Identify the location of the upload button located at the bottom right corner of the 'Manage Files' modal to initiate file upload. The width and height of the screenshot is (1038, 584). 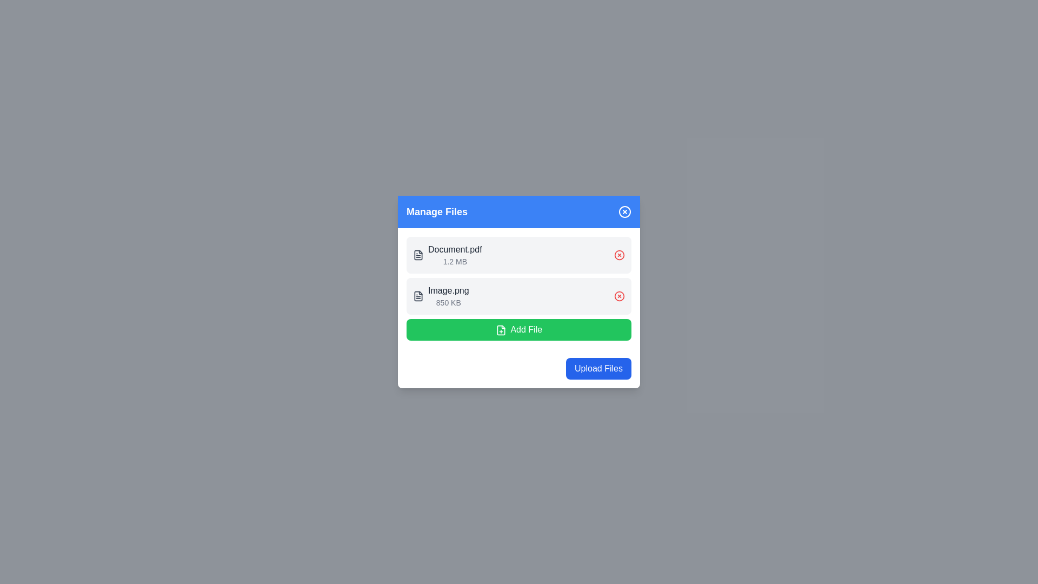
(598, 368).